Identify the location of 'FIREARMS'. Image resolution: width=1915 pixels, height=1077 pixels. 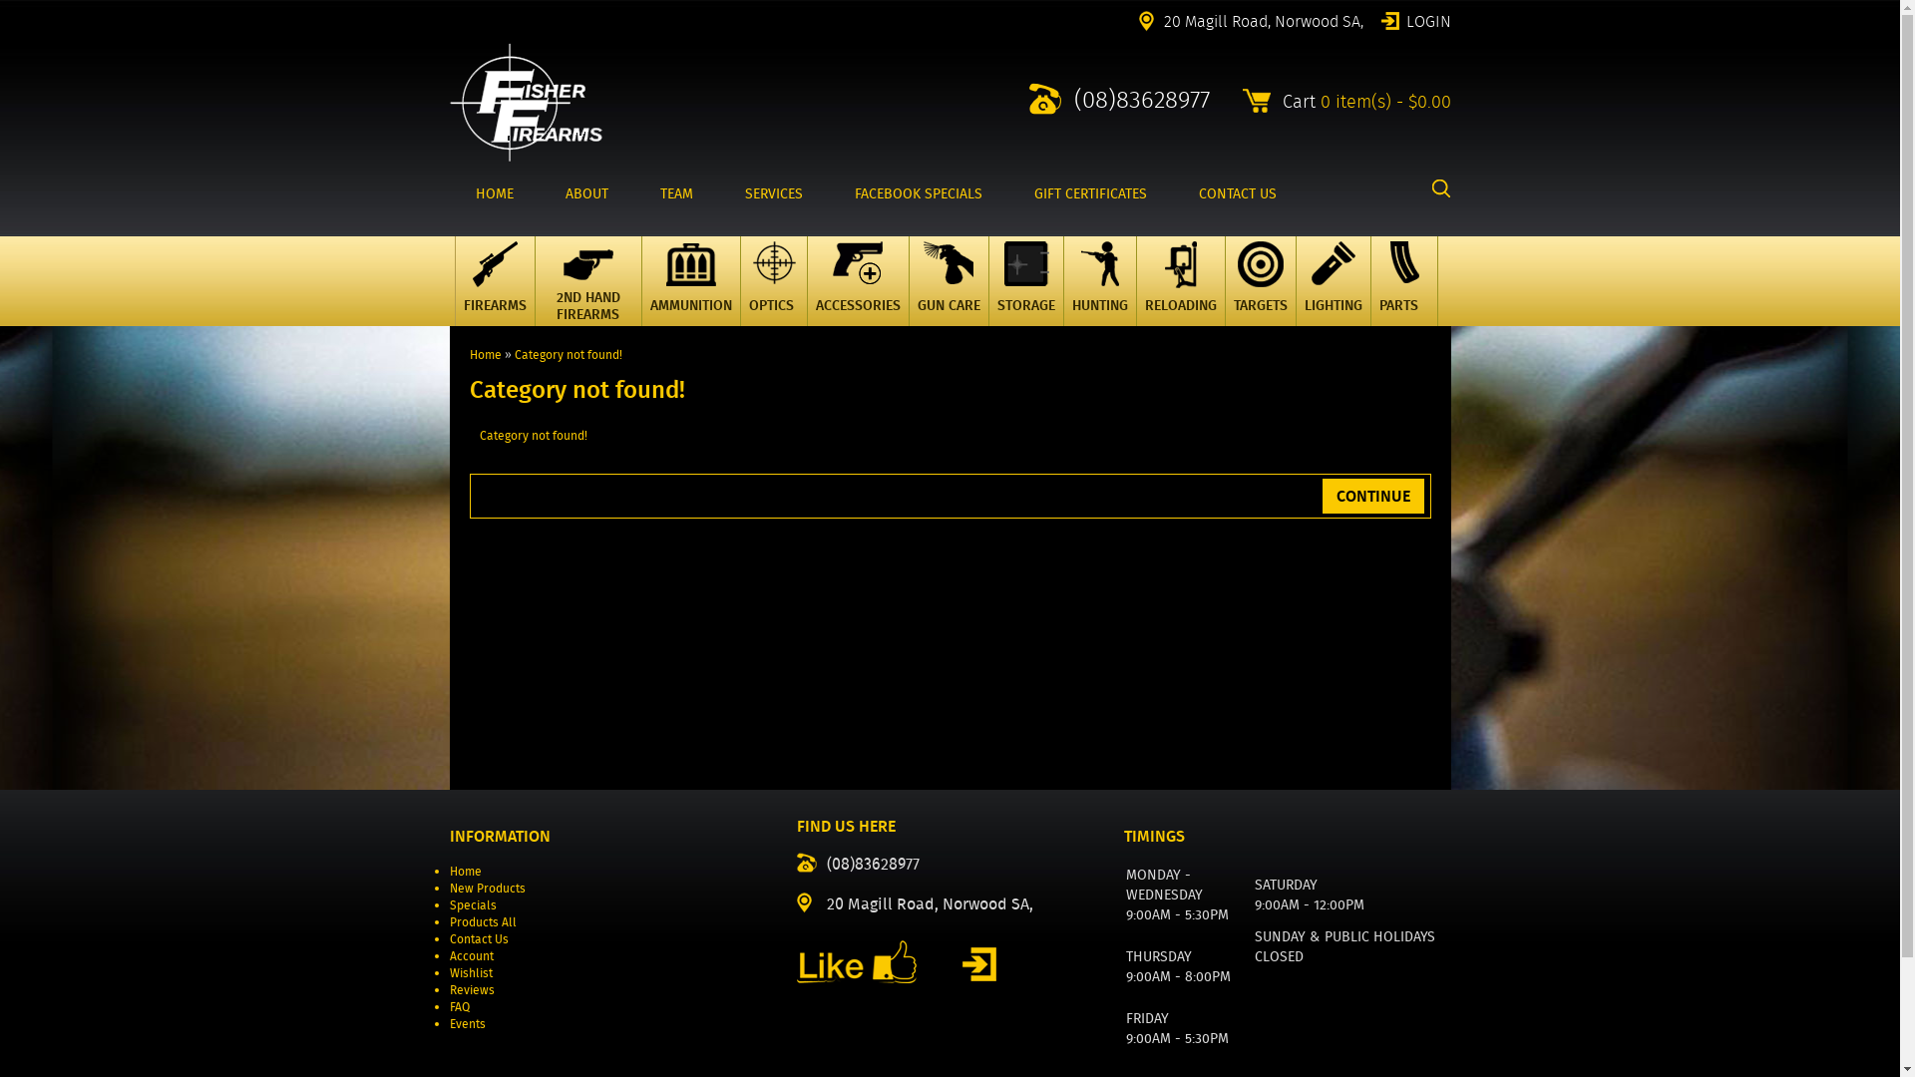
(495, 280).